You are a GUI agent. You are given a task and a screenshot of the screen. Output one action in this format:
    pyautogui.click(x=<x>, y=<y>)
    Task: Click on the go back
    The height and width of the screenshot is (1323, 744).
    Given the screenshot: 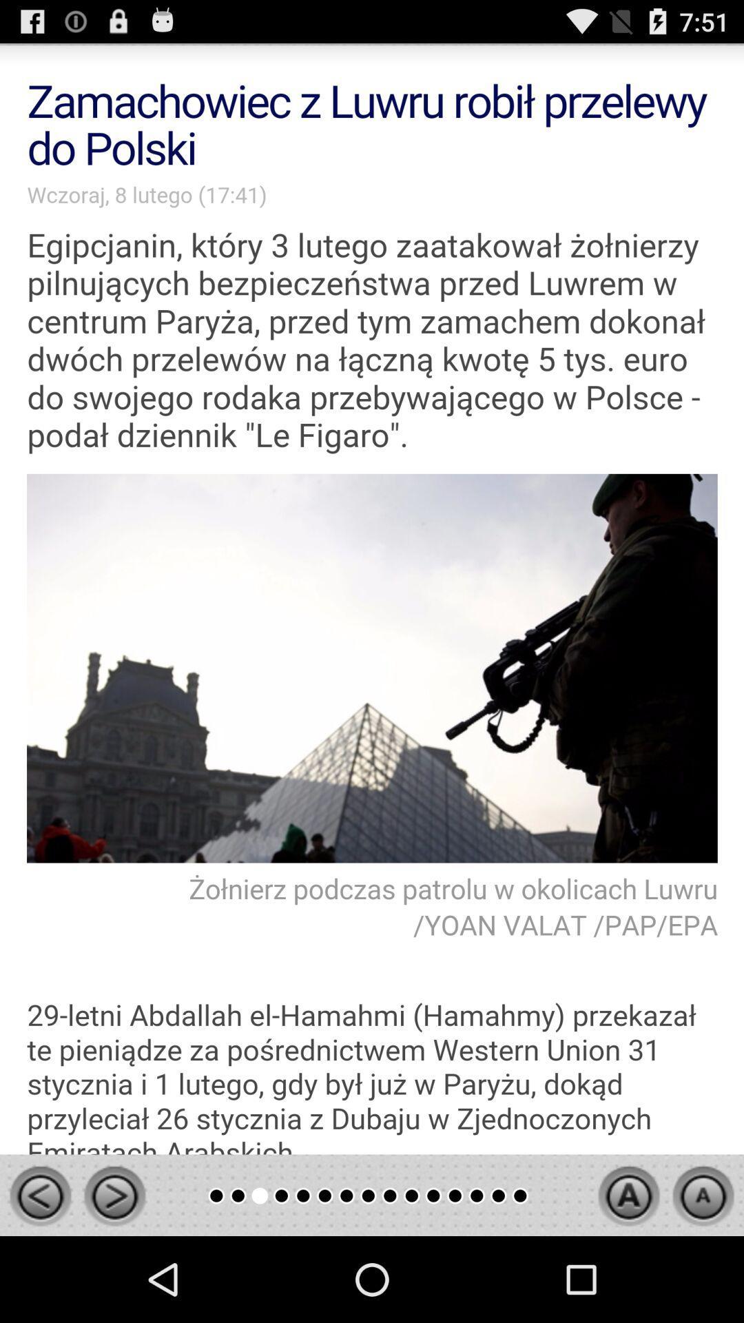 What is the action you would take?
    pyautogui.click(x=39, y=1196)
    